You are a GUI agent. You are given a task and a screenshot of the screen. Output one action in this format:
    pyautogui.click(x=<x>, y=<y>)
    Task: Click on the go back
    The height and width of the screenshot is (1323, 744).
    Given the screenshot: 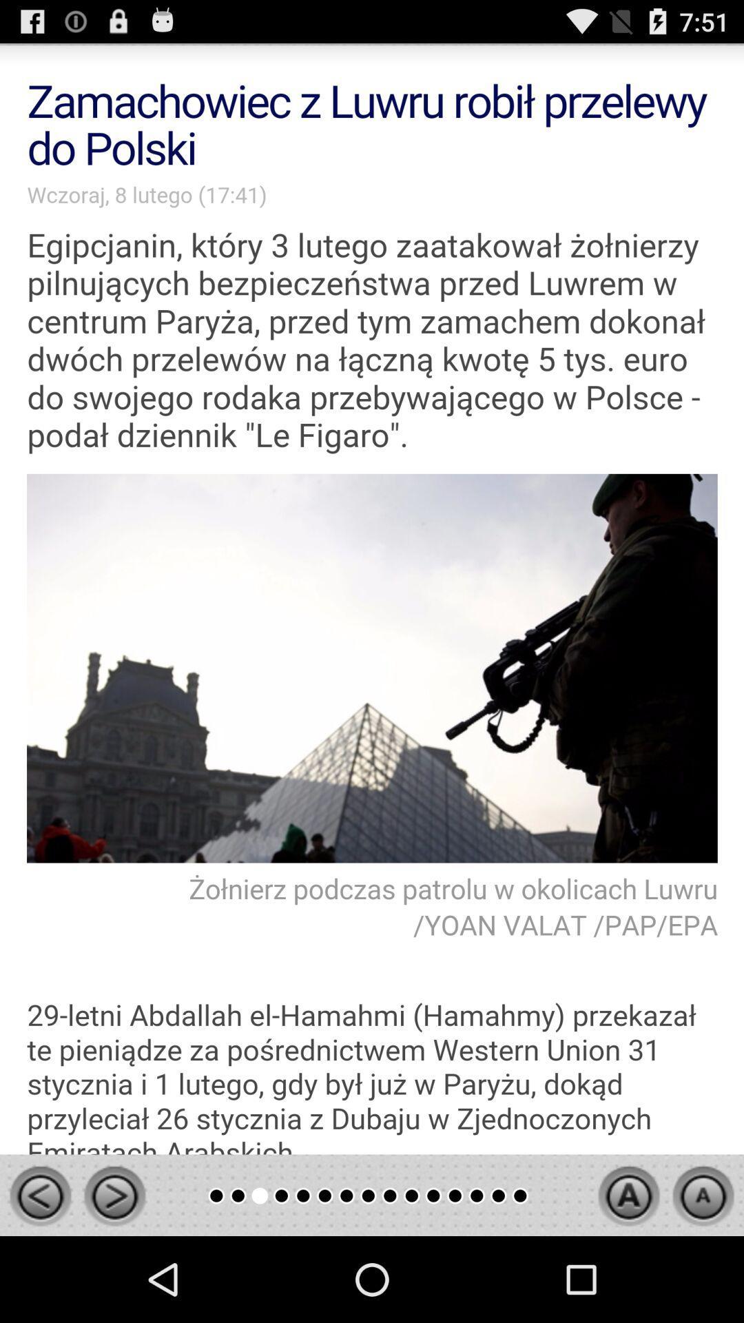 What is the action you would take?
    pyautogui.click(x=39, y=1196)
    